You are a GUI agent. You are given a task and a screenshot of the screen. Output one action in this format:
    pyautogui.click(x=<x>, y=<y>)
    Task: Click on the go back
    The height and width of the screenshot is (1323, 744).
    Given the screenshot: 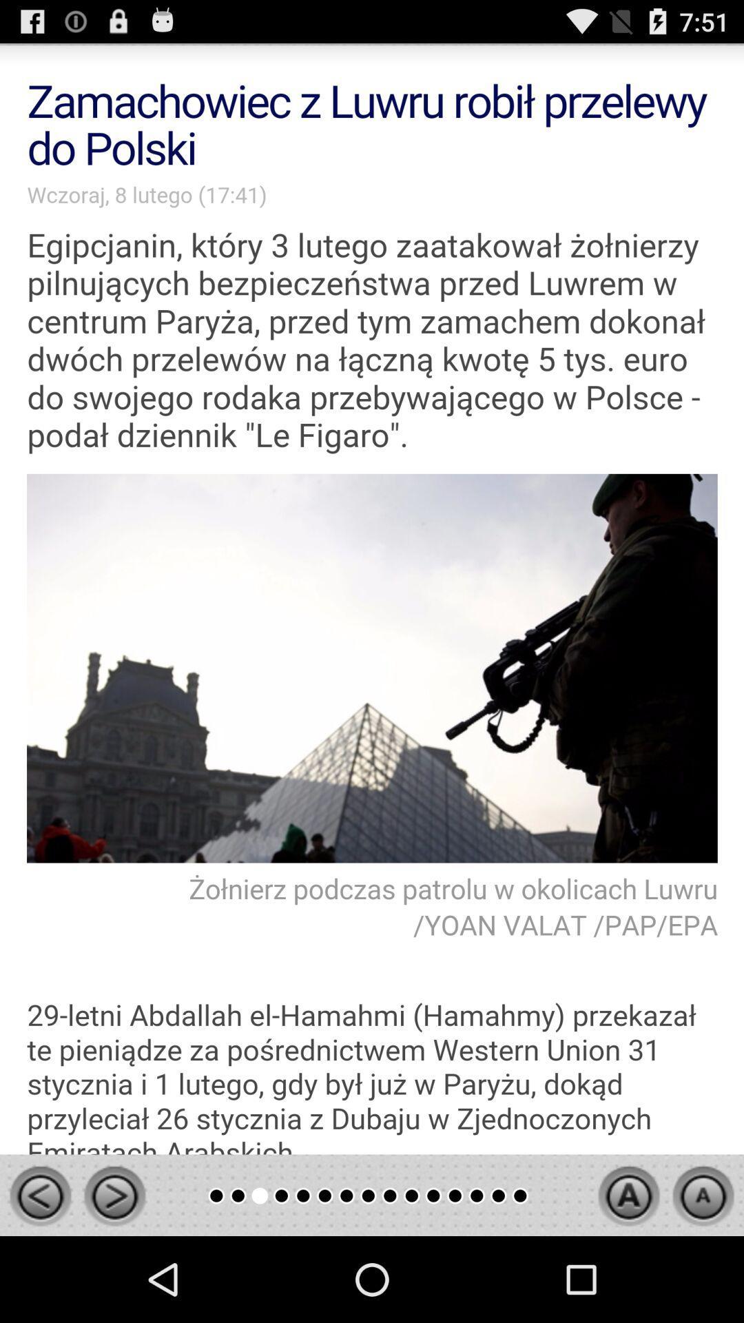 What is the action you would take?
    pyautogui.click(x=39, y=1196)
    